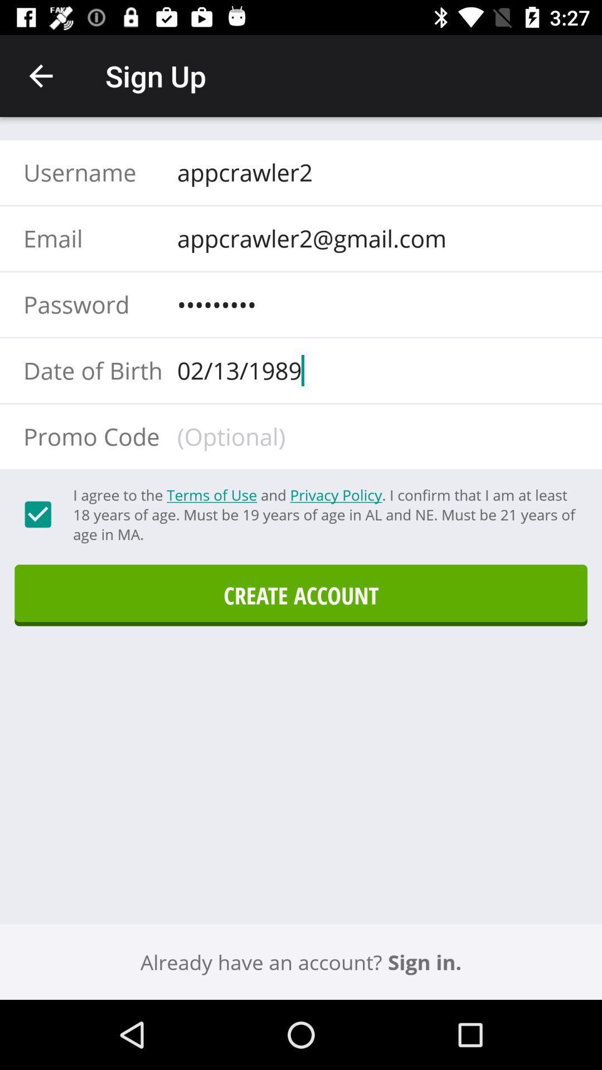 This screenshot has width=602, height=1070. What do you see at coordinates (374, 370) in the screenshot?
I see `the 02/13/1989 item` at bounding box center [374, 370].